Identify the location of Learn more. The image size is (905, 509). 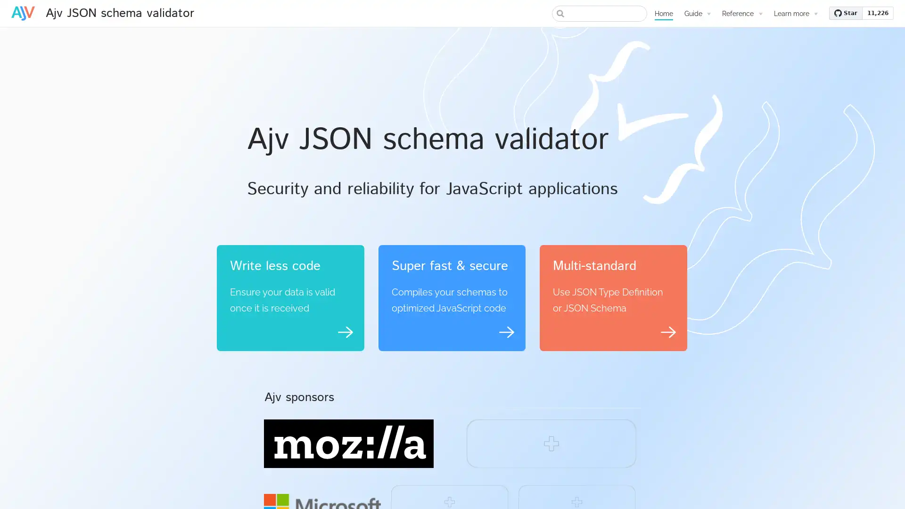
(795, 14).